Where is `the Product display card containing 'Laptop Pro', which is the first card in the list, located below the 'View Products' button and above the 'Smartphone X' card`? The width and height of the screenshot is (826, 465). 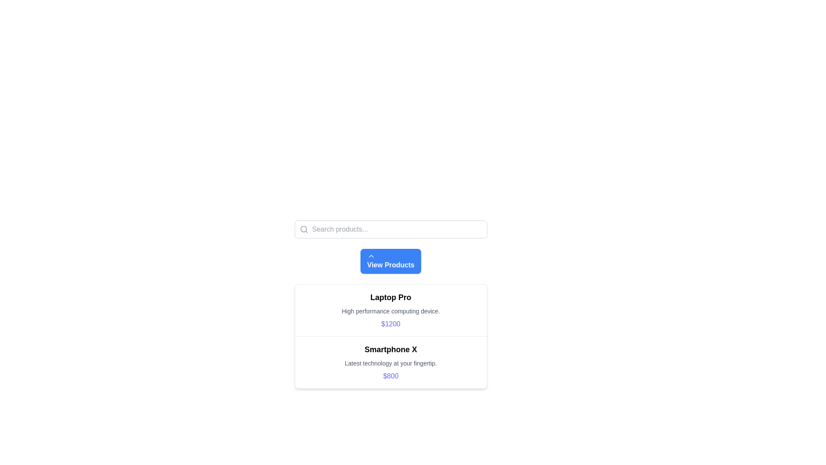 the Product display card containing 'Laptop Pro', which is the first card in the list, located below the 'View Products' button and above the 'Smartphone X' card is located at coordinates (390, 304).